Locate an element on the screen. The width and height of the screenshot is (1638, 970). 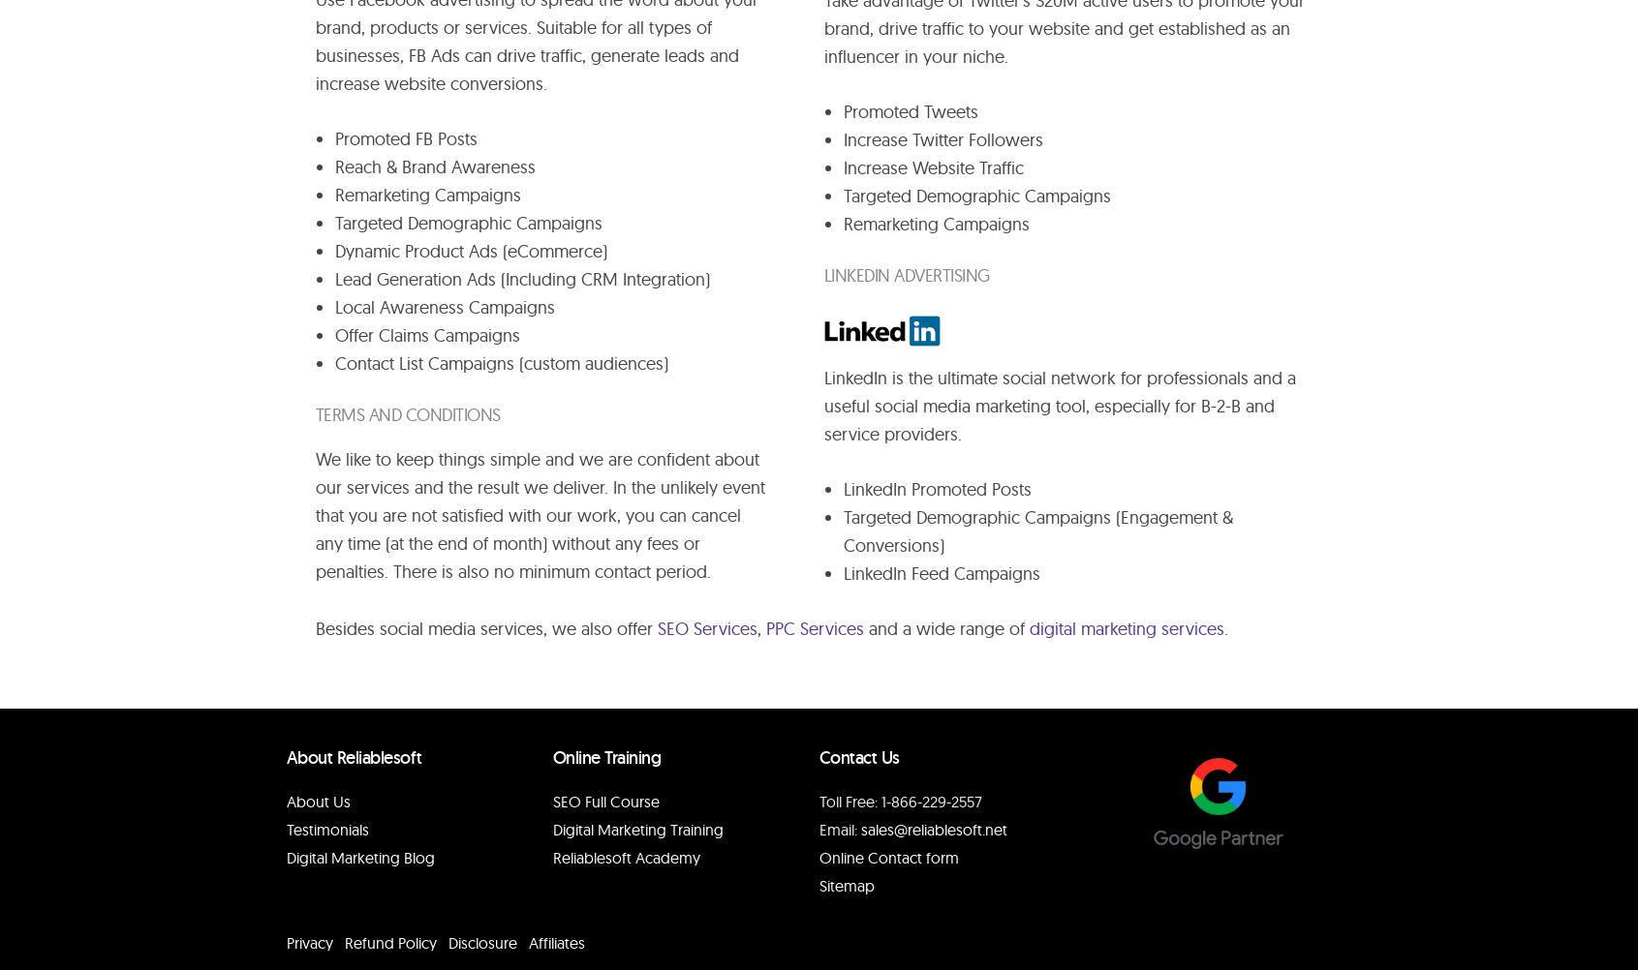
'Dynamic Product Ads (eCommerce)' is located at coordinates (469, 250).